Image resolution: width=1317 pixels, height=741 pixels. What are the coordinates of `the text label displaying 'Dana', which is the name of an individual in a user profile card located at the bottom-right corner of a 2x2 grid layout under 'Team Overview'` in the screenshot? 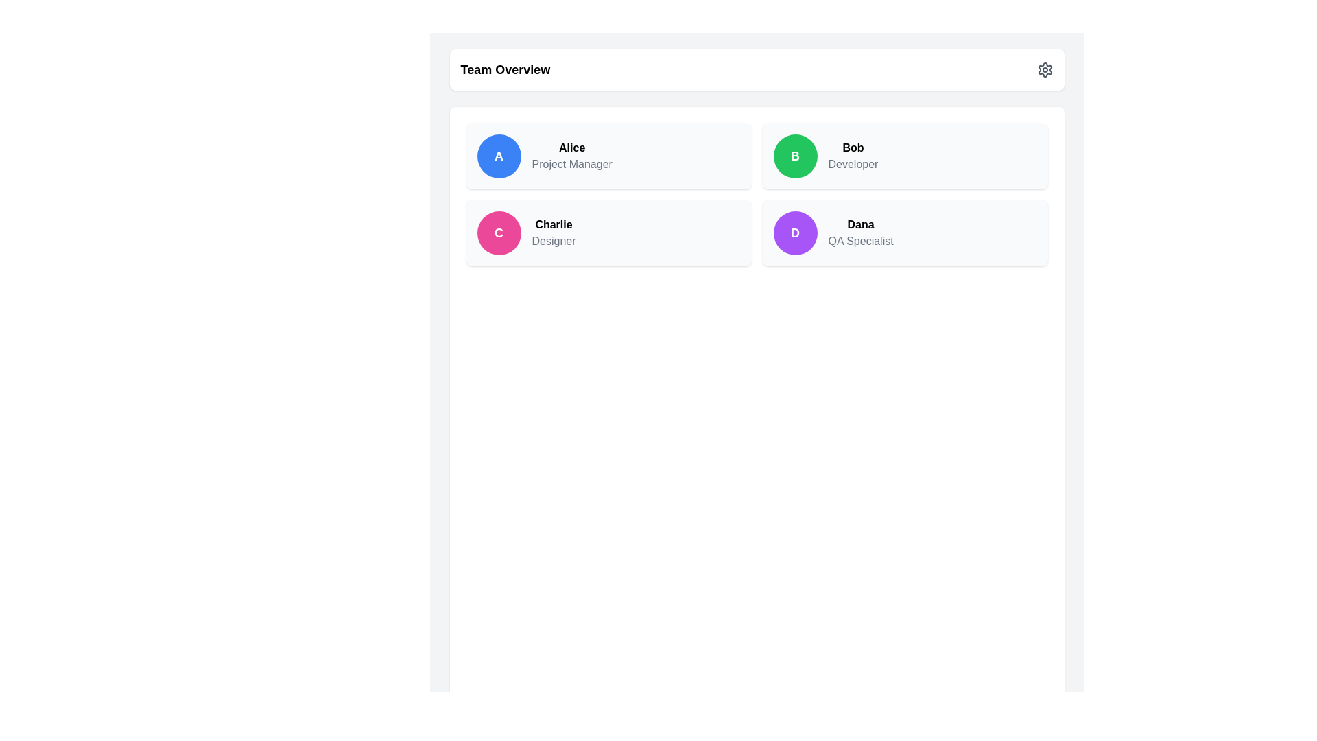 It's located at (860, 224).